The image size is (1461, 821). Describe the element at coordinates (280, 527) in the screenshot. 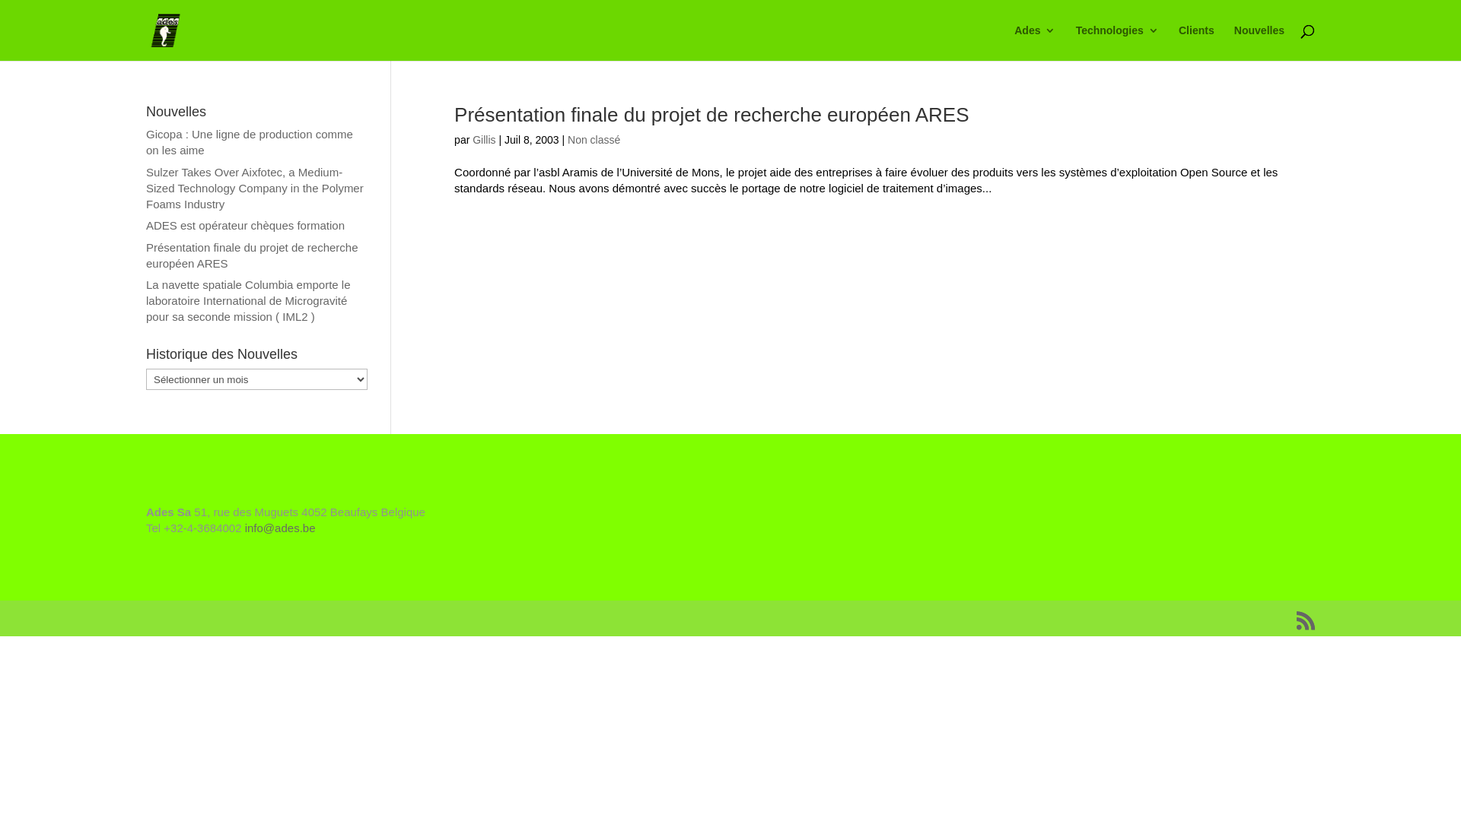

I see `'info@ades.be'` at that location.